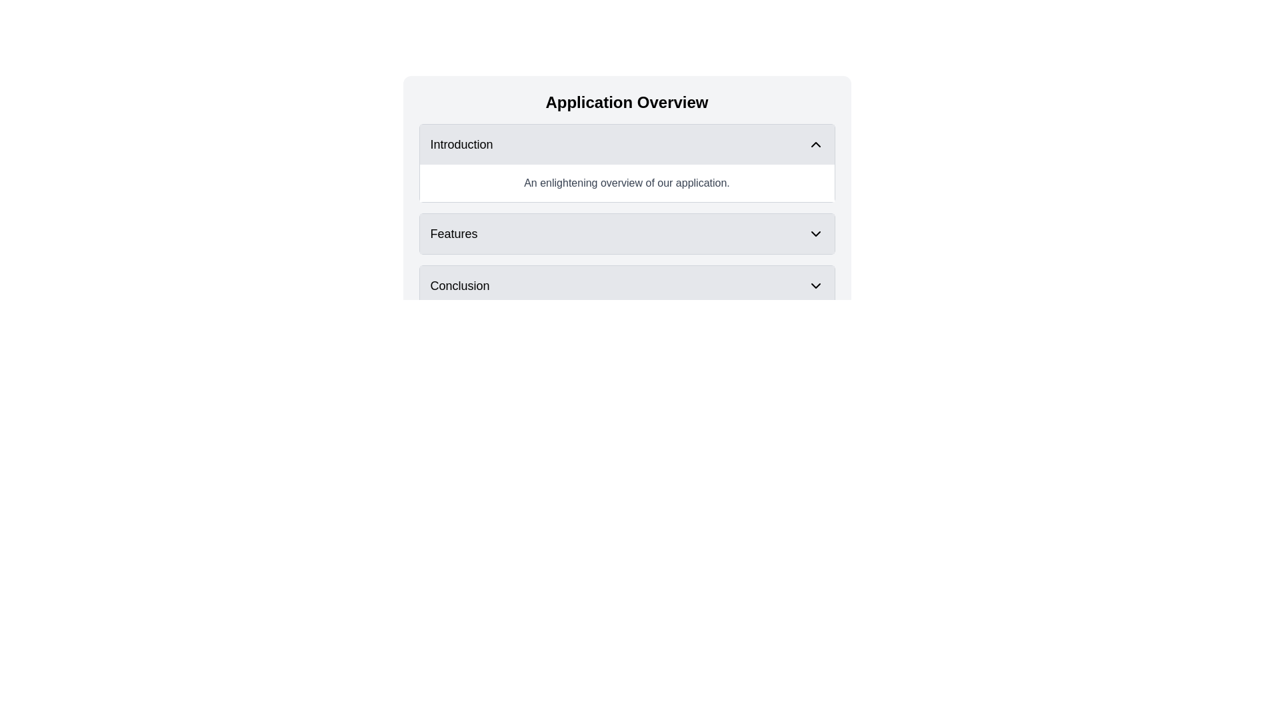 This screenshot has height=720, width=1280. I want to click on the static text label titled 'Conclusion' located in the bottom section of the list layout under 'Application Overview', so click(460, 285).